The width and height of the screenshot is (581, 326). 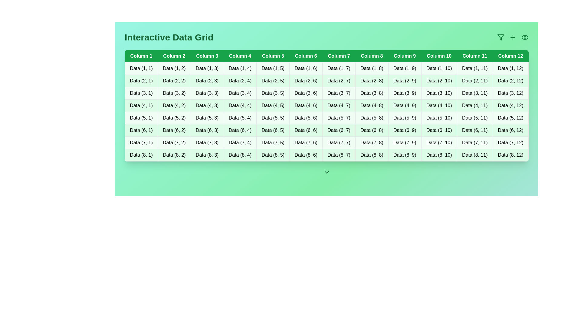 I want to click on the plus icon to add new data, so click(x=512, y=37).